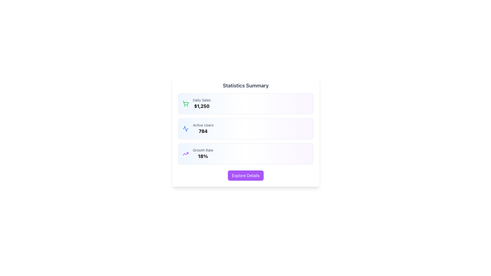 Image resolution: width=491 pixels, height=276 pixels. What do you see at coordinates (203, 131) in the screenshot?
I see `the Text Display element showing the number '784', which is styled in bold and larger font size against a white background, located below 'Active Users' in the Statistics Summary` at bounding box center [203, 131].